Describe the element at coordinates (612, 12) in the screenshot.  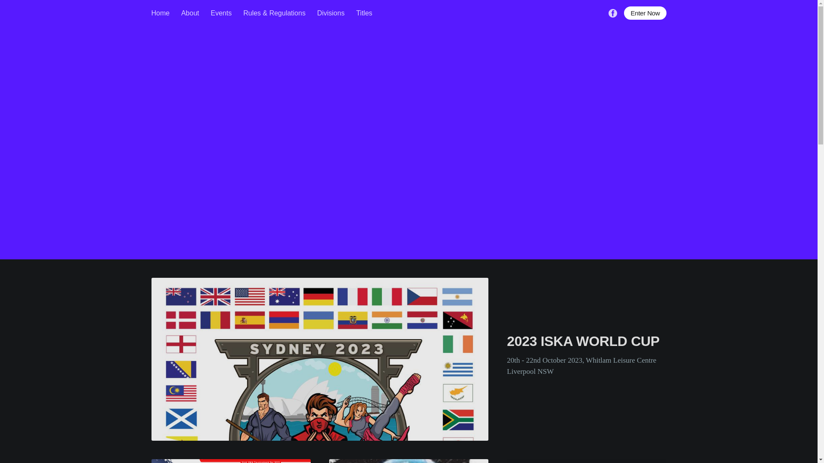
I see `'Facebook'` at that location.